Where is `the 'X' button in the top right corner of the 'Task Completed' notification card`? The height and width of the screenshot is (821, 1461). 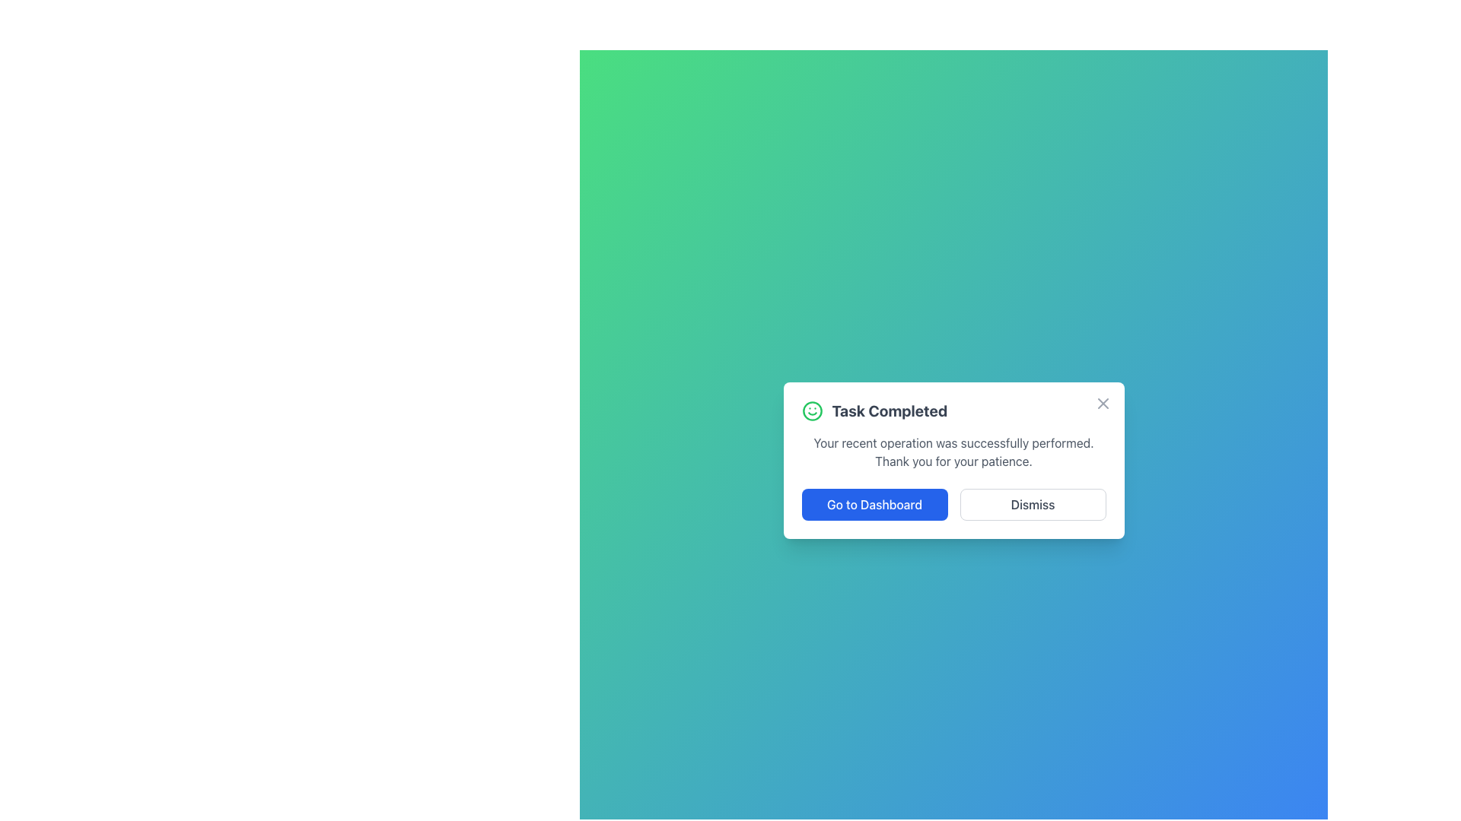 the 'X' button in the top right corner of the 'Task Completed' notification card is located at coordinates (1103, 403).